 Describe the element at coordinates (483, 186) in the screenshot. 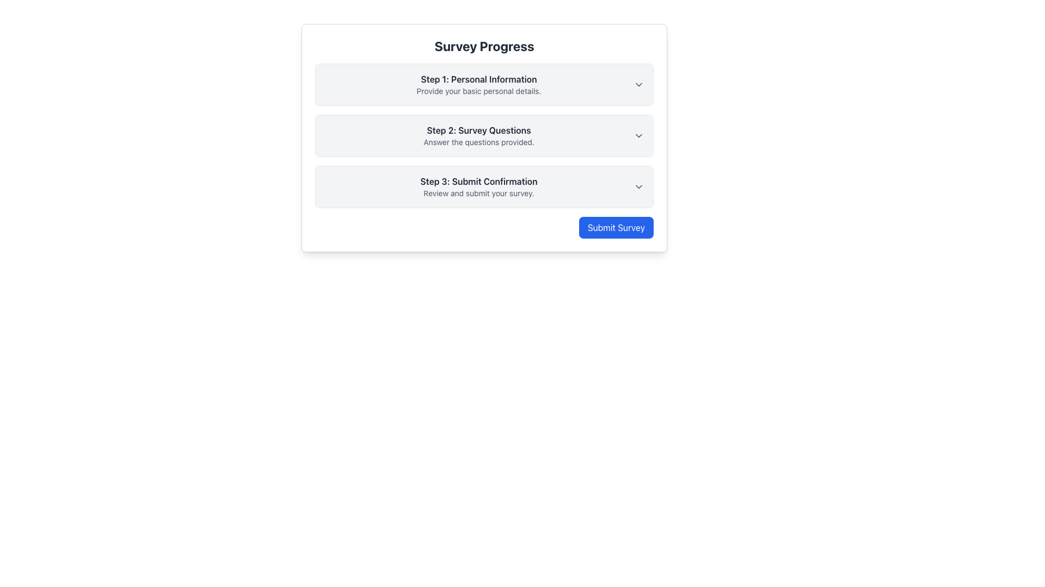

I see `the third step Collapsible section header, which guides the user to review and submit their survey` at that location.